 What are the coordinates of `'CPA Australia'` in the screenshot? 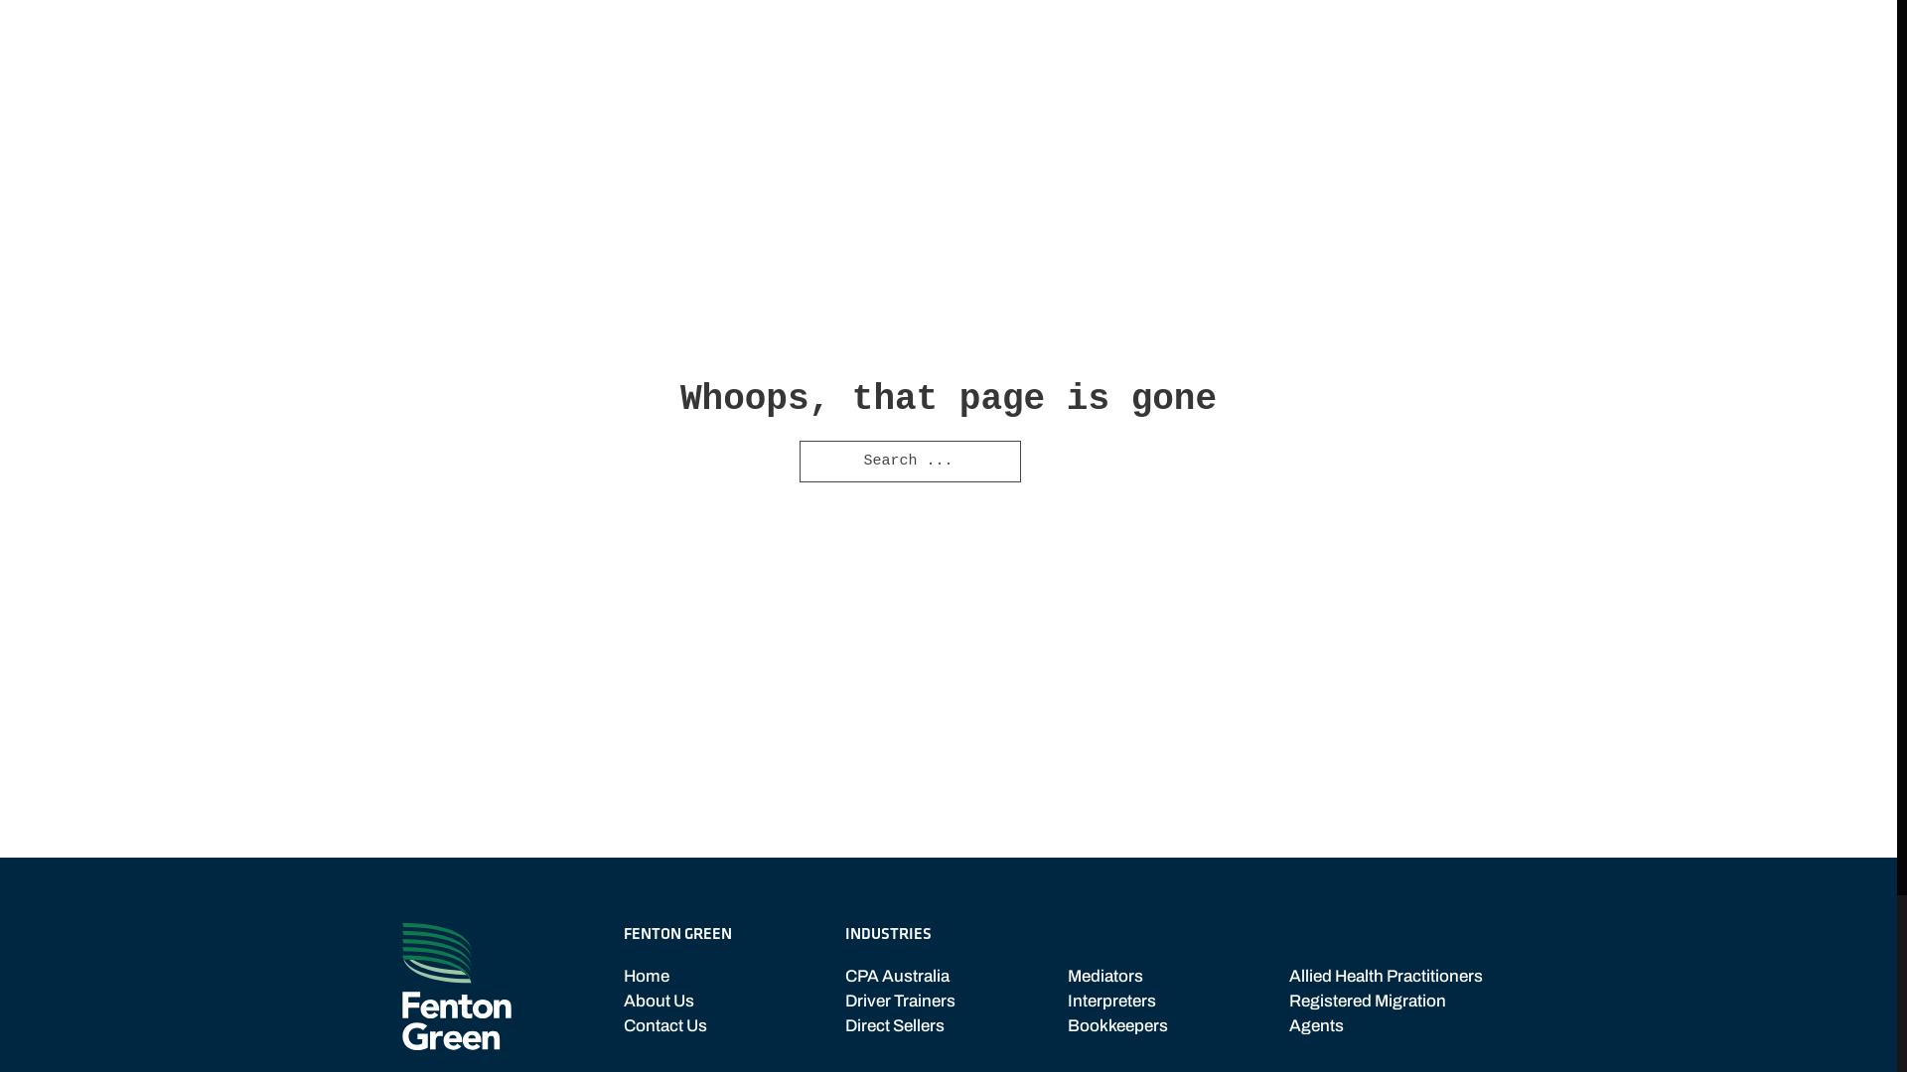 It's located at (899, 975).